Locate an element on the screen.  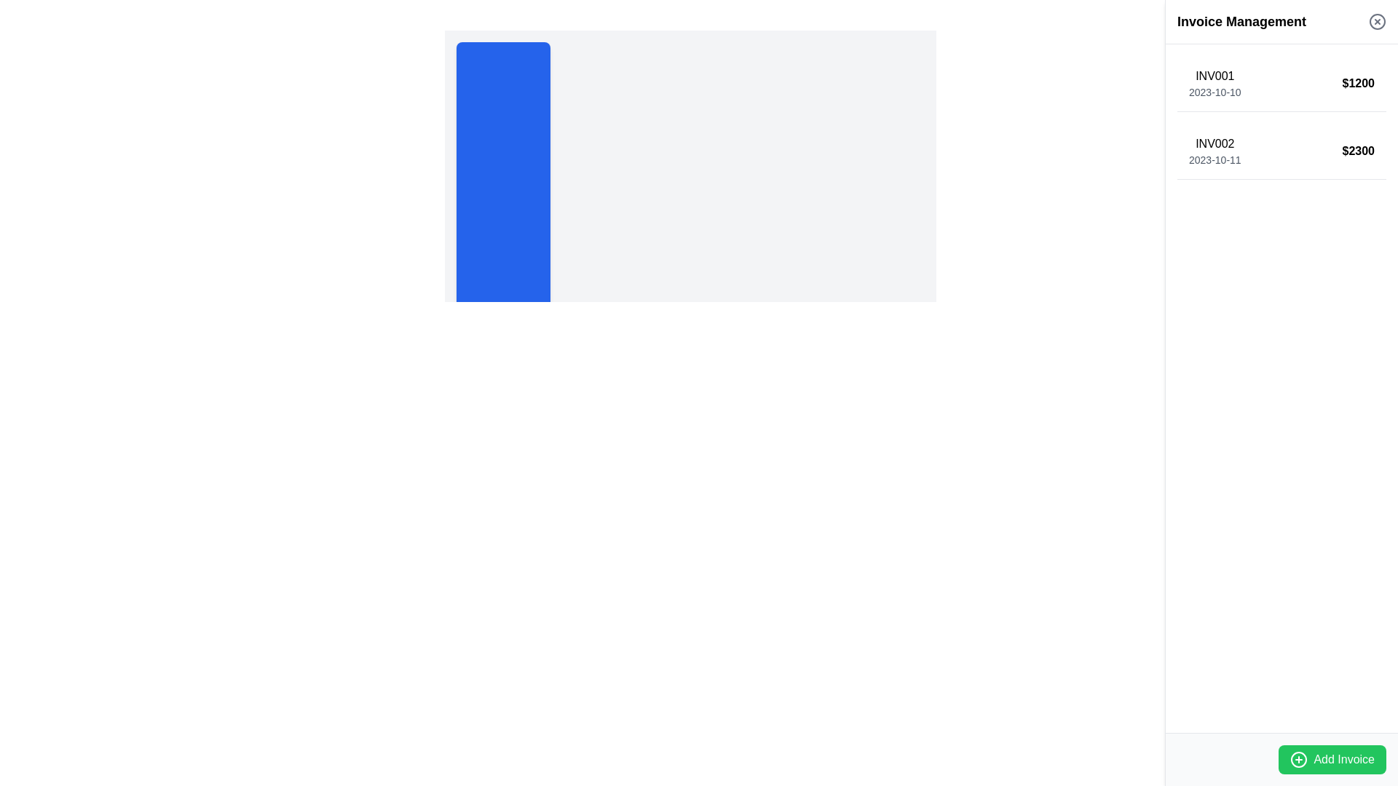
the Text label displaying the invoice date for the 'INV001' entry, which is positioned under the 'INV001' label in the Invoice Management section is located at coordinates (1215, 92).